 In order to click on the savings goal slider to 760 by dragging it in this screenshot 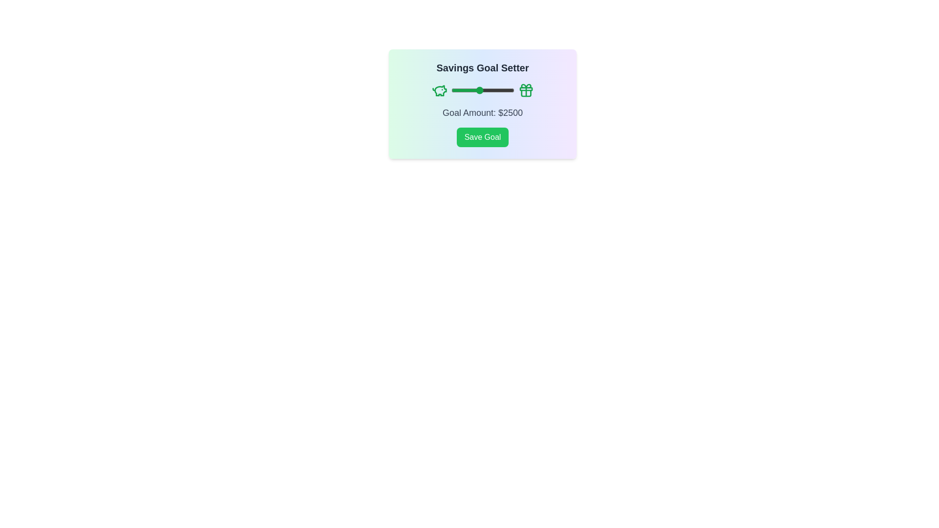, I will do `click(454, 90)`.